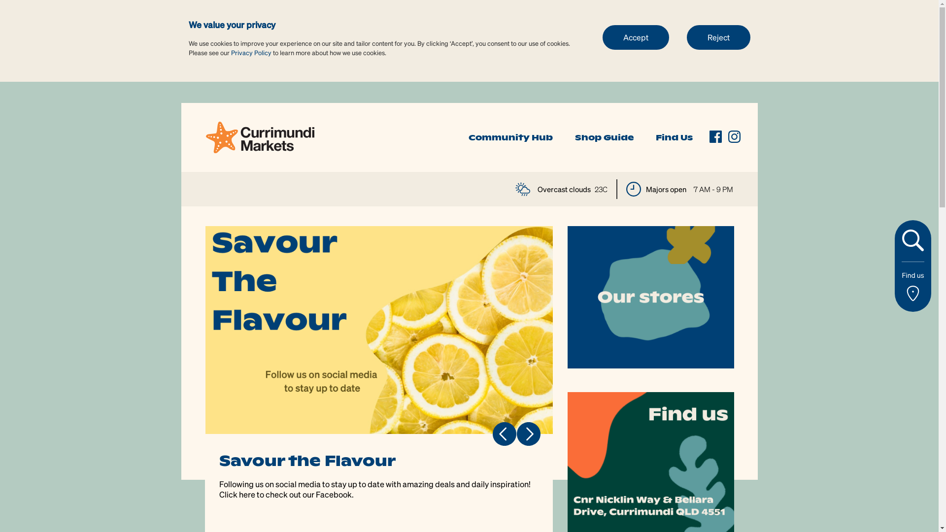  I want to click on 'Reject', so click(686, 36).